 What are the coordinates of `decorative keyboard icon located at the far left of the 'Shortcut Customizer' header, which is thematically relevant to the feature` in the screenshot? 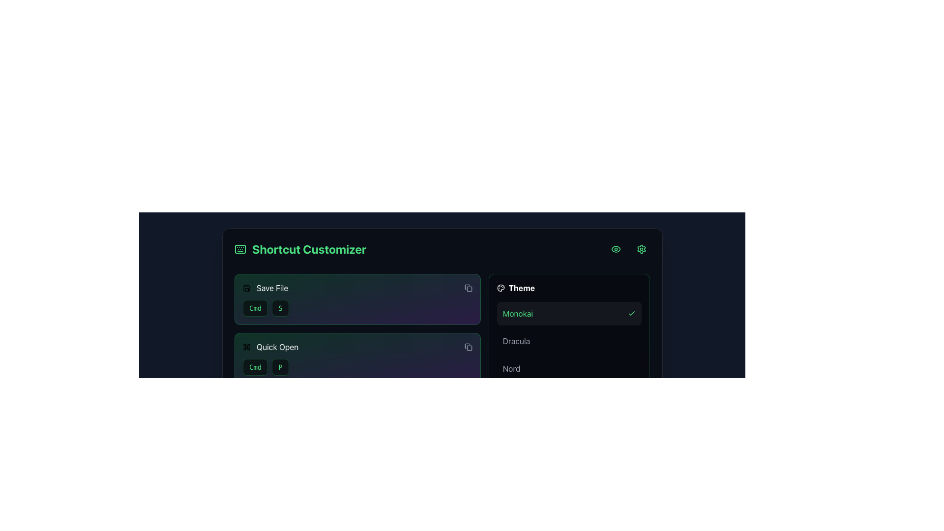 It's located at (240, 248).